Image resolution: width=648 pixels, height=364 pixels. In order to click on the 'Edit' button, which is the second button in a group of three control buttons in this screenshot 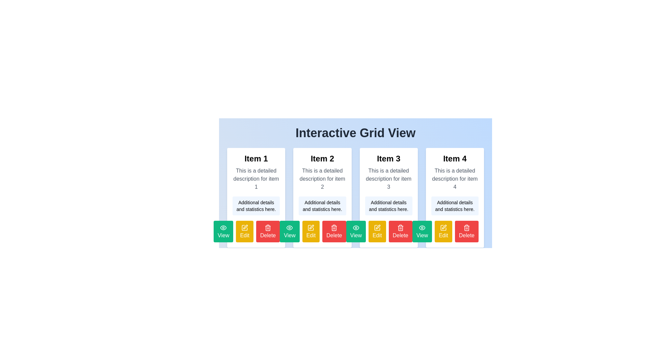, I will do `click(244, 231)`.